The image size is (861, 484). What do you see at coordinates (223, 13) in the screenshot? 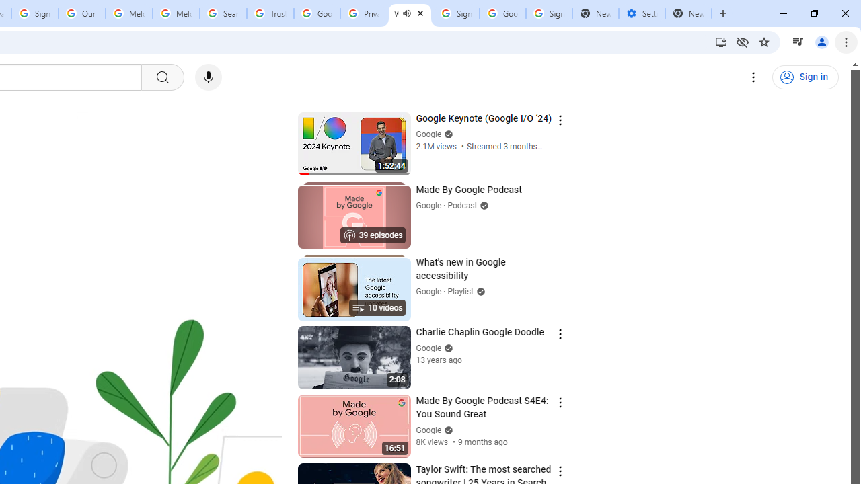
I see `'Search our Doodle Library Collection - Google Doodles'` at bounding box center [223, 13].